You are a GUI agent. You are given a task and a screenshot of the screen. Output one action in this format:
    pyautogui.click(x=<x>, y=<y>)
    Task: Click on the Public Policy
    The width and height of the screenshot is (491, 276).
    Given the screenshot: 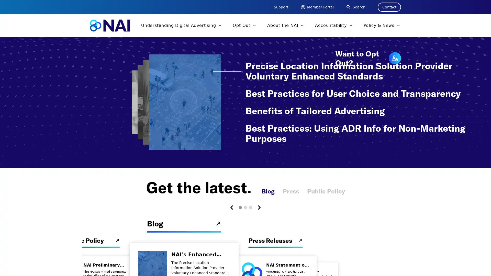 What is the action you would take?
    pyautogui.click(x=325, y=191)
    